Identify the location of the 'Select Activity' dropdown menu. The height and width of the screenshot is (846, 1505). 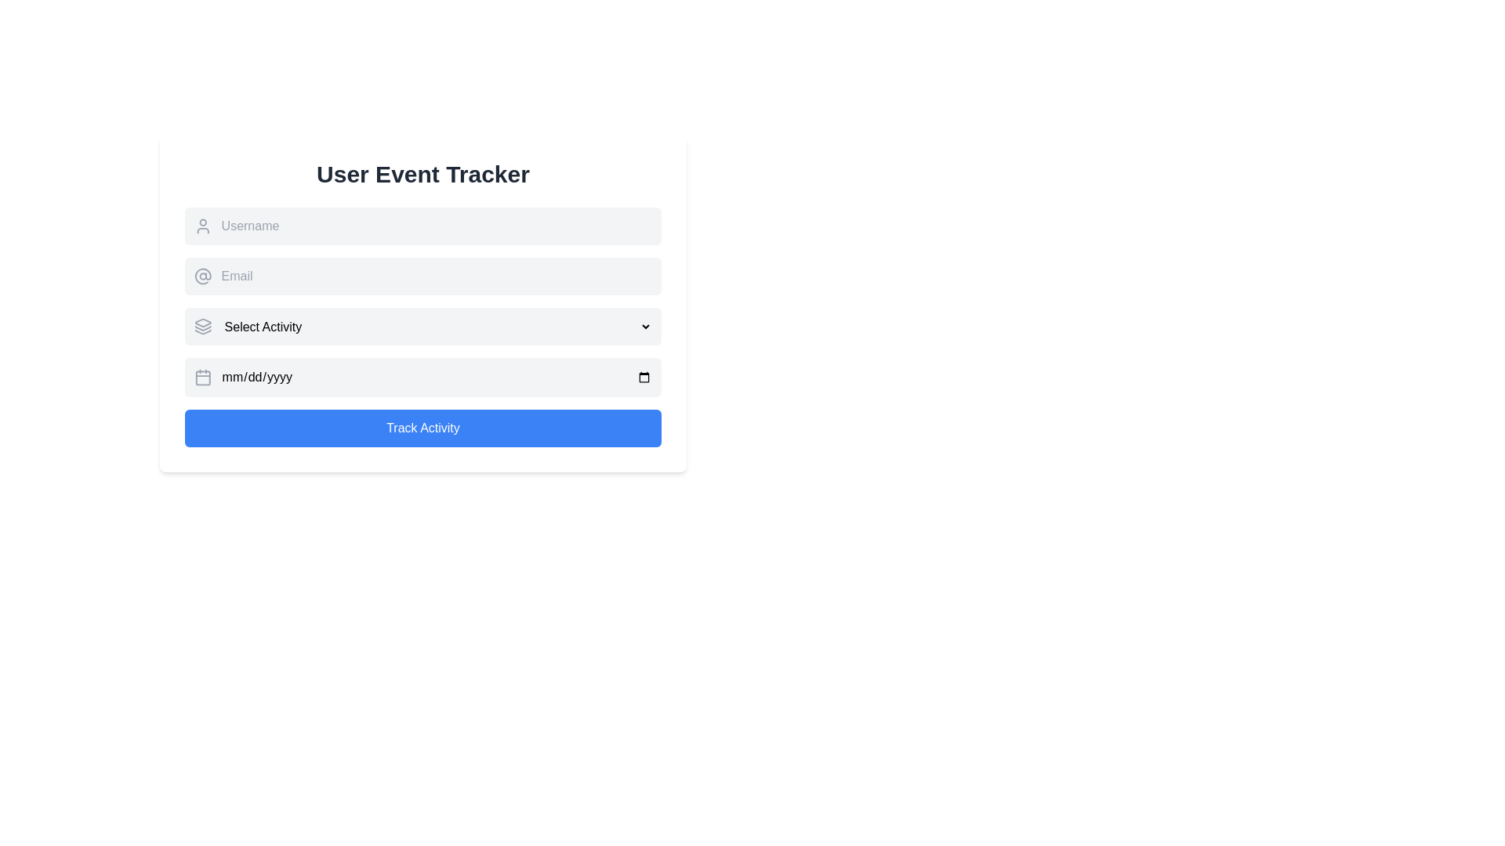
(422, 326).